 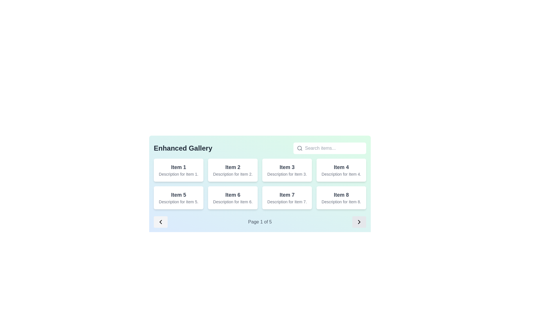 I want to click on the card component representing 'Item 8' located in the fourth column of the second row in the grid layout, so click(x=341, y=197).